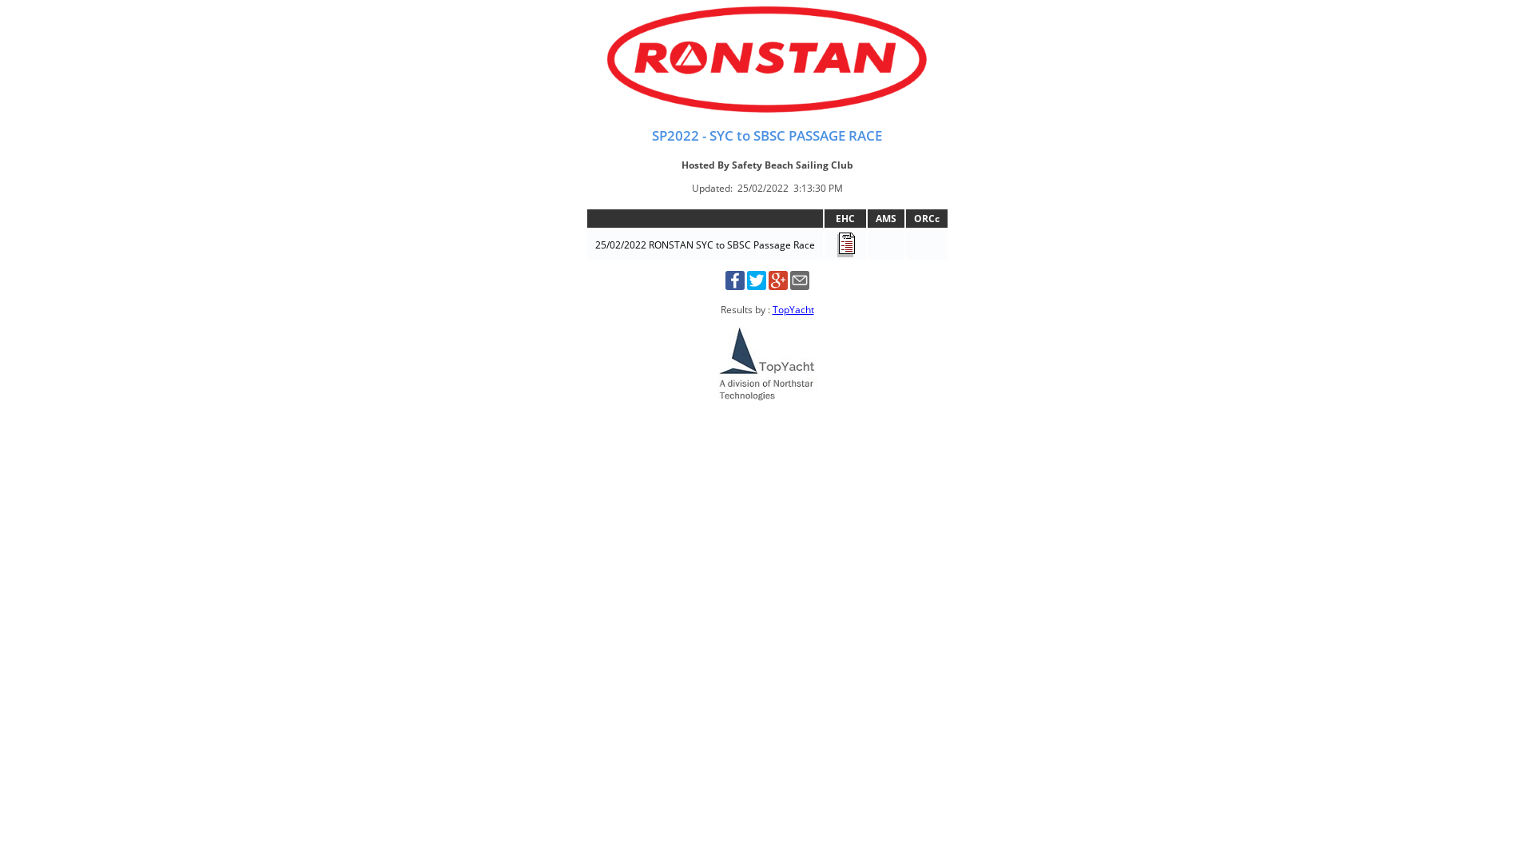 The width and height of the screenshot is (1534, 863). I want to click on 'TopYacht', so click(771, 309).